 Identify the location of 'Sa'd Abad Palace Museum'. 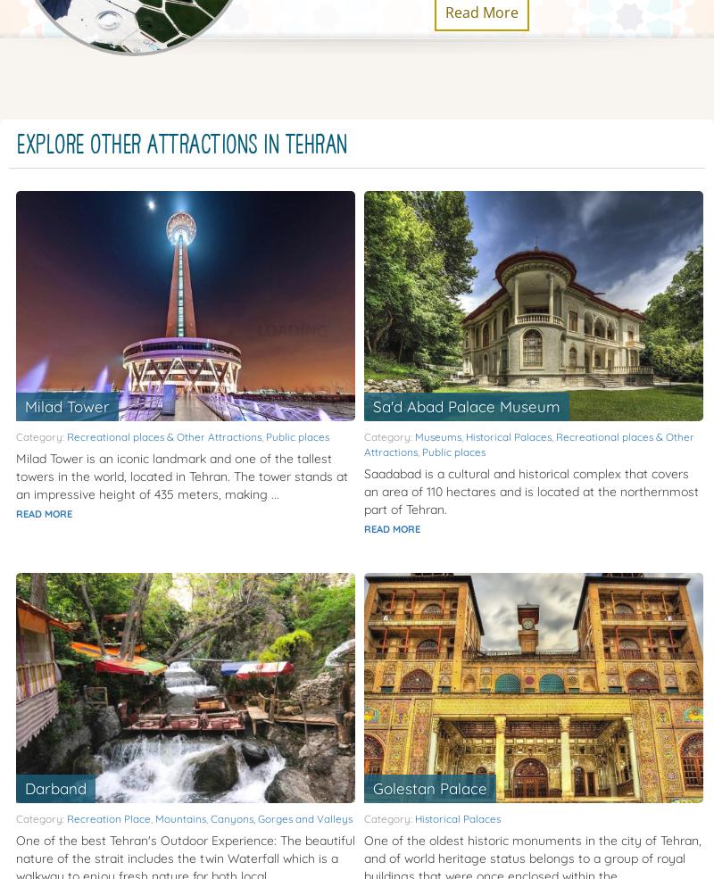
(373, 405).